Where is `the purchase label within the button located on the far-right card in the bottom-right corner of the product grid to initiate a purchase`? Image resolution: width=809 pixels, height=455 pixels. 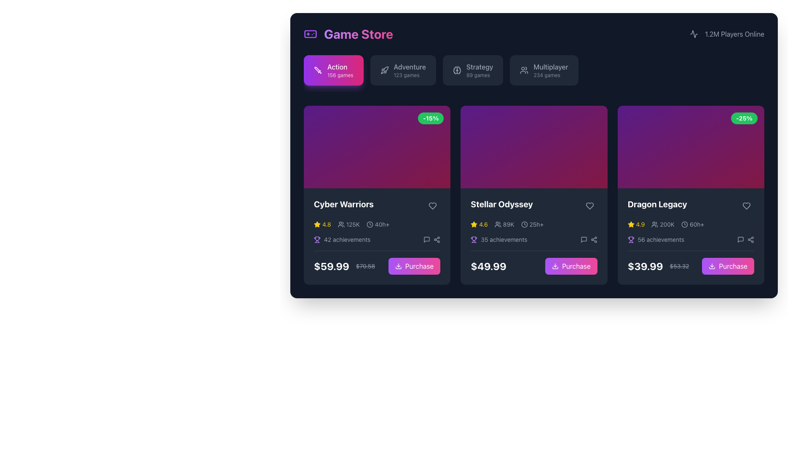
the purchase label within the button located on the far-right card in the bottom-right corner of the product grid to initiate a purchase is located at coordinates (733, 266).